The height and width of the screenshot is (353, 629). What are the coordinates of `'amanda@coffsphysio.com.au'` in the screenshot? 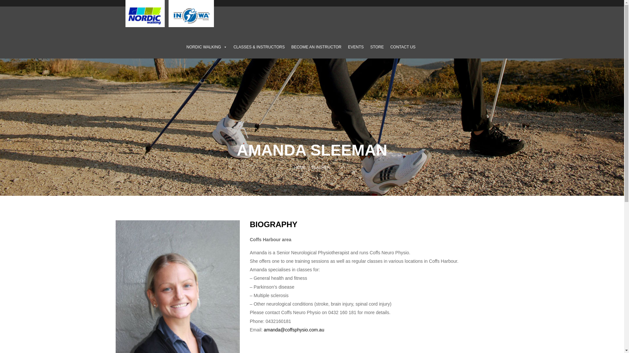 It's located at (294, 330).